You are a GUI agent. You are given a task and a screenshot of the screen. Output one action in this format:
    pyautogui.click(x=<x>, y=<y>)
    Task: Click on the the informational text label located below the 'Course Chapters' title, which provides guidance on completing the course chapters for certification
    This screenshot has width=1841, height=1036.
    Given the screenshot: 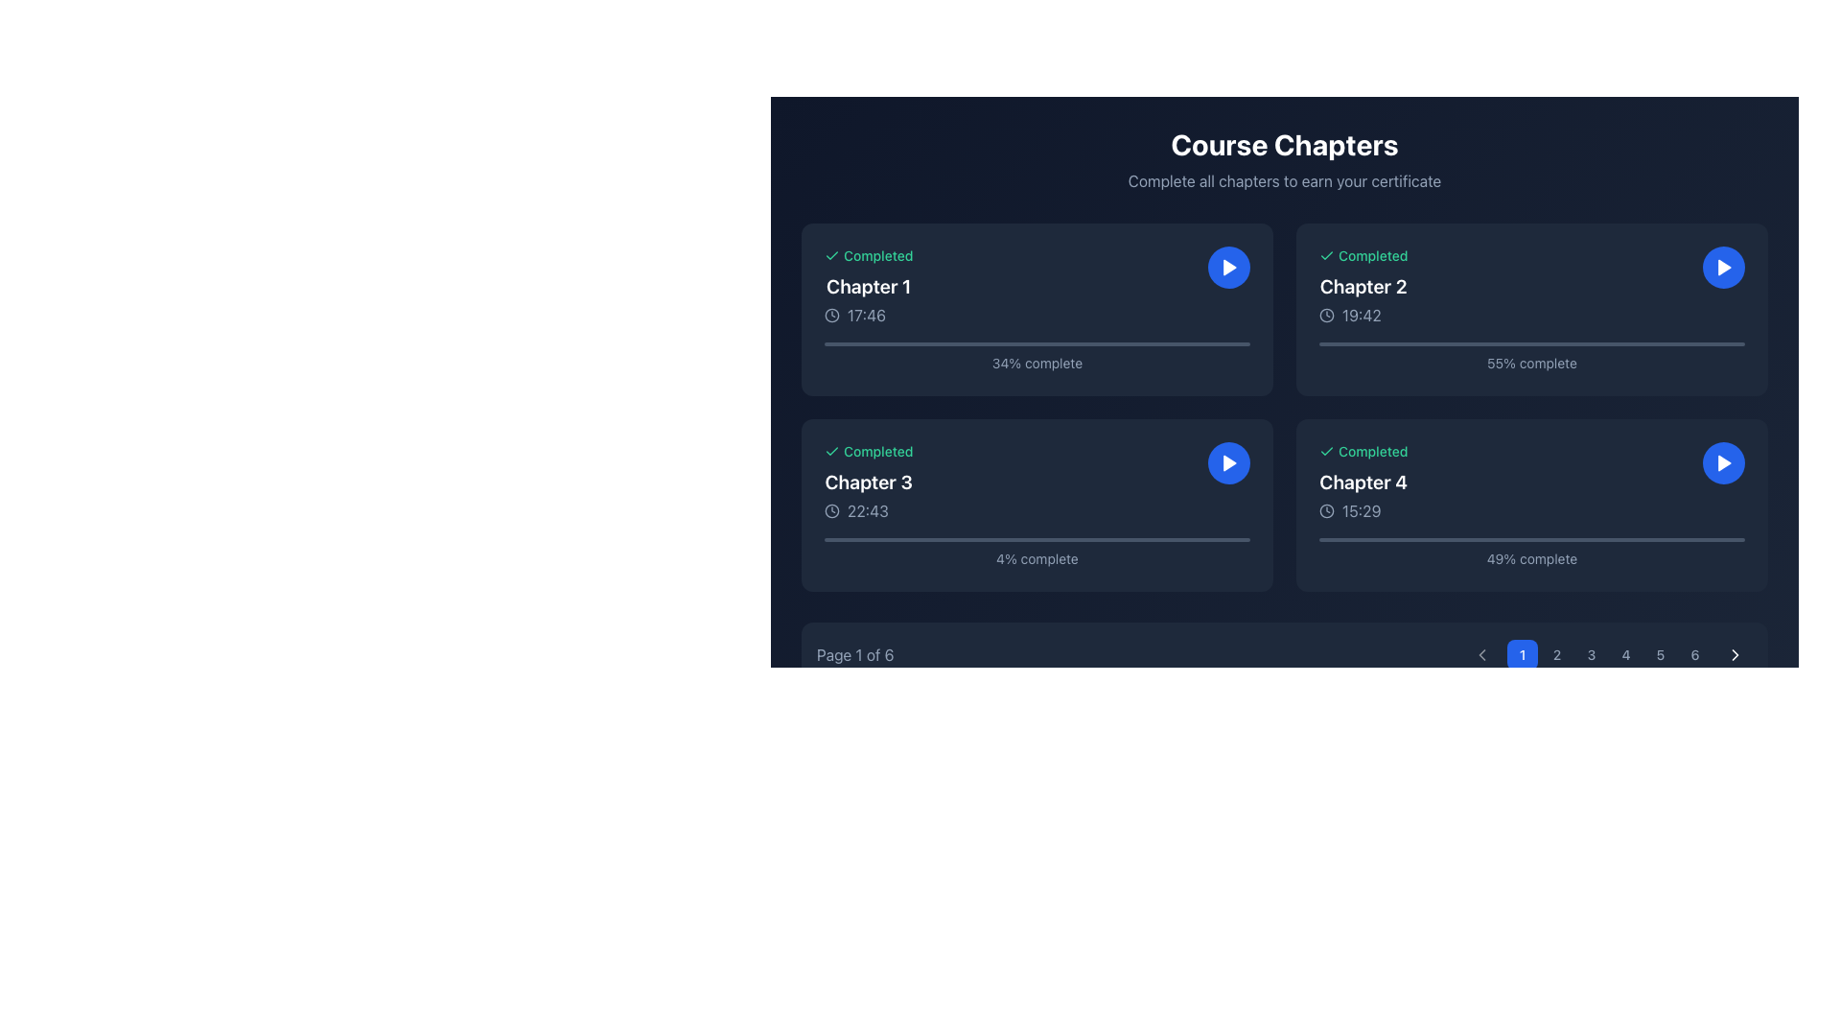 What is the action you would take?
    pyautogui.click(x=1284, y=181)
    